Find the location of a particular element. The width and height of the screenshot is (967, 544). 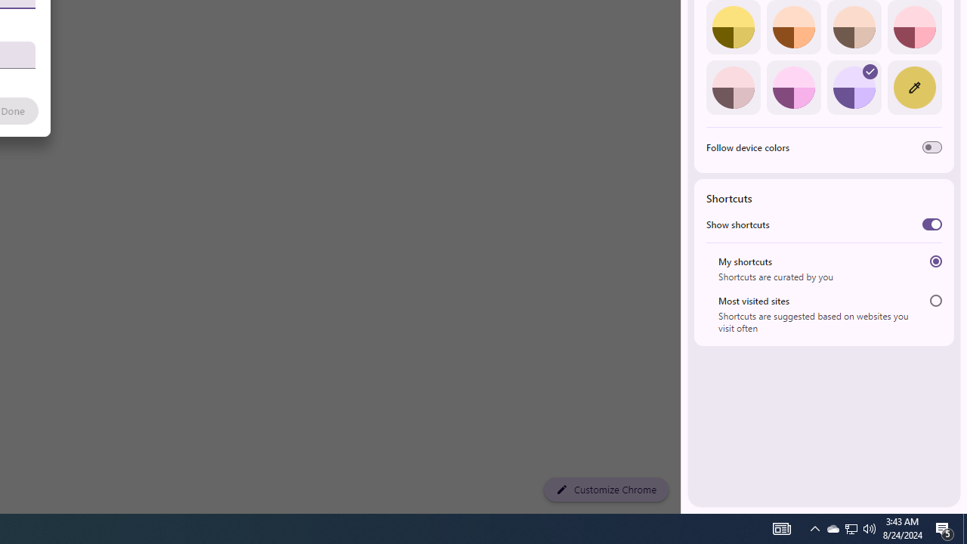

'Apricot' is located at coordinates (854, 27).